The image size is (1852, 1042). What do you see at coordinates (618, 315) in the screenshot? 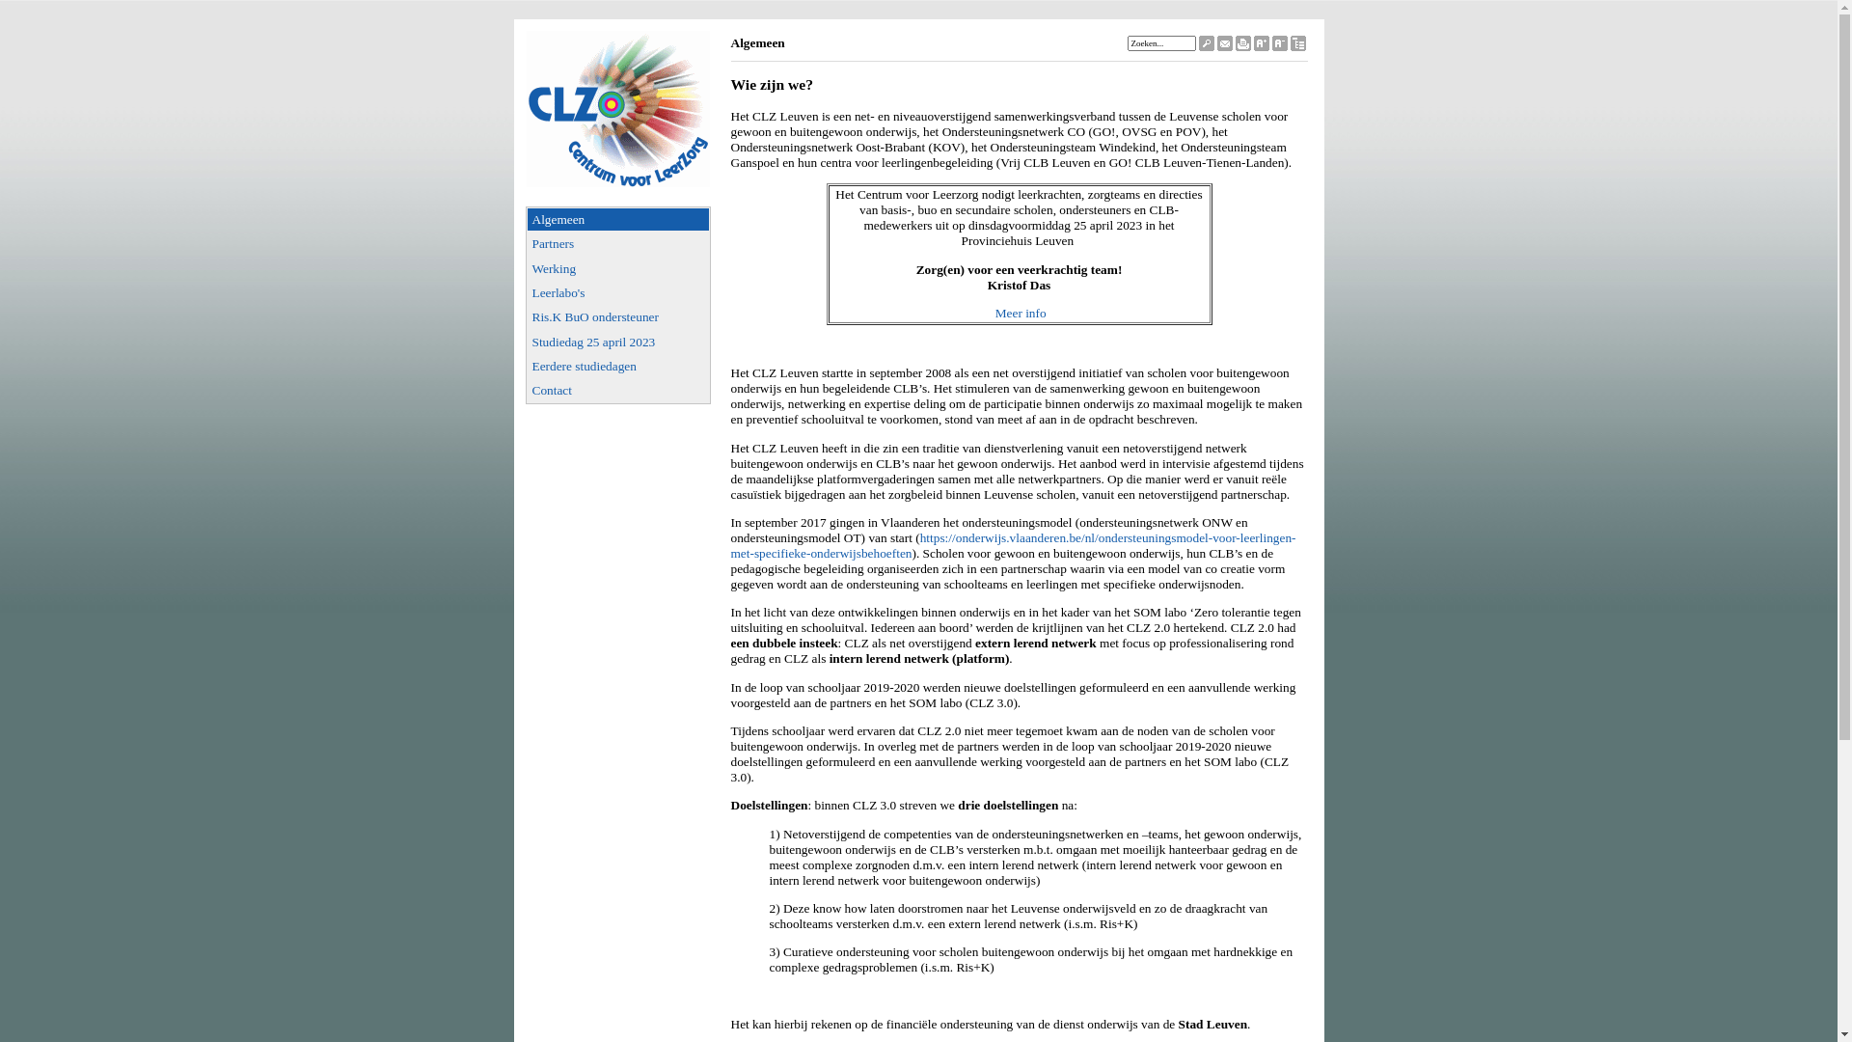
I see `'Ris.K BuO ondersteuner'` at bounding box center [618, 315].